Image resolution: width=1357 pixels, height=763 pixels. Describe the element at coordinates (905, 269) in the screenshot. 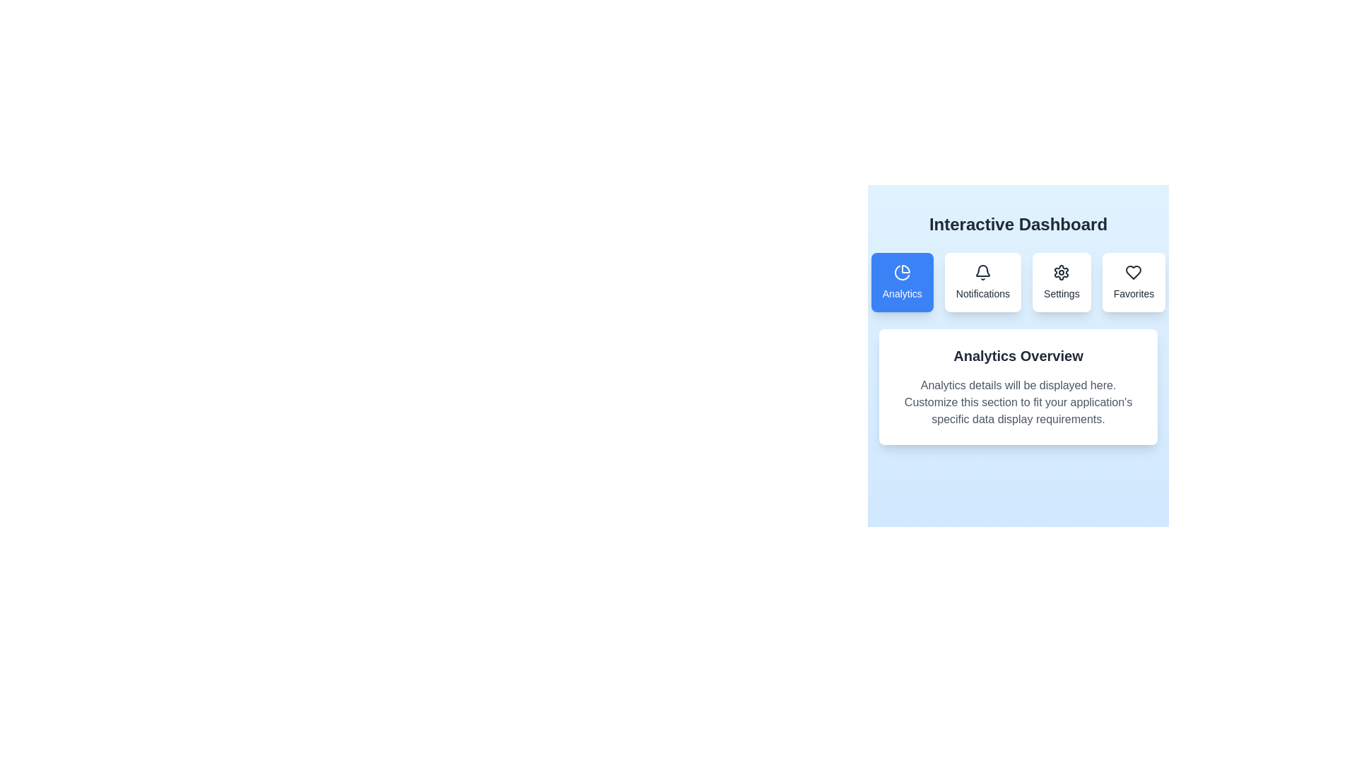

I see `the representation of the 'Analytics' icon located at the top-left corner of the dashboard interface, which serves as a visual icon for the 'Analytics' button` at that location.